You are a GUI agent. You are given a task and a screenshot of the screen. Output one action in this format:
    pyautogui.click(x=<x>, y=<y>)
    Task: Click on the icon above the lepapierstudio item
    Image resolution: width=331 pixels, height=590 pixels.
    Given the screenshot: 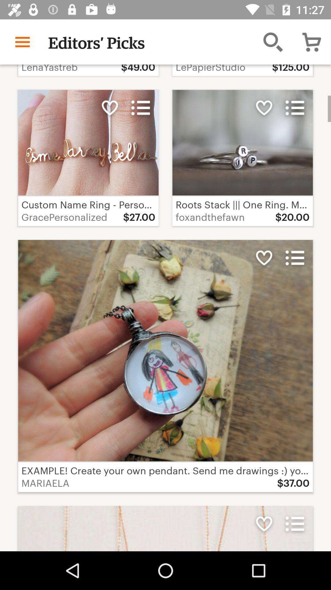 What is the action you would take?
    pyautogui.click(x=273, y=41)
    